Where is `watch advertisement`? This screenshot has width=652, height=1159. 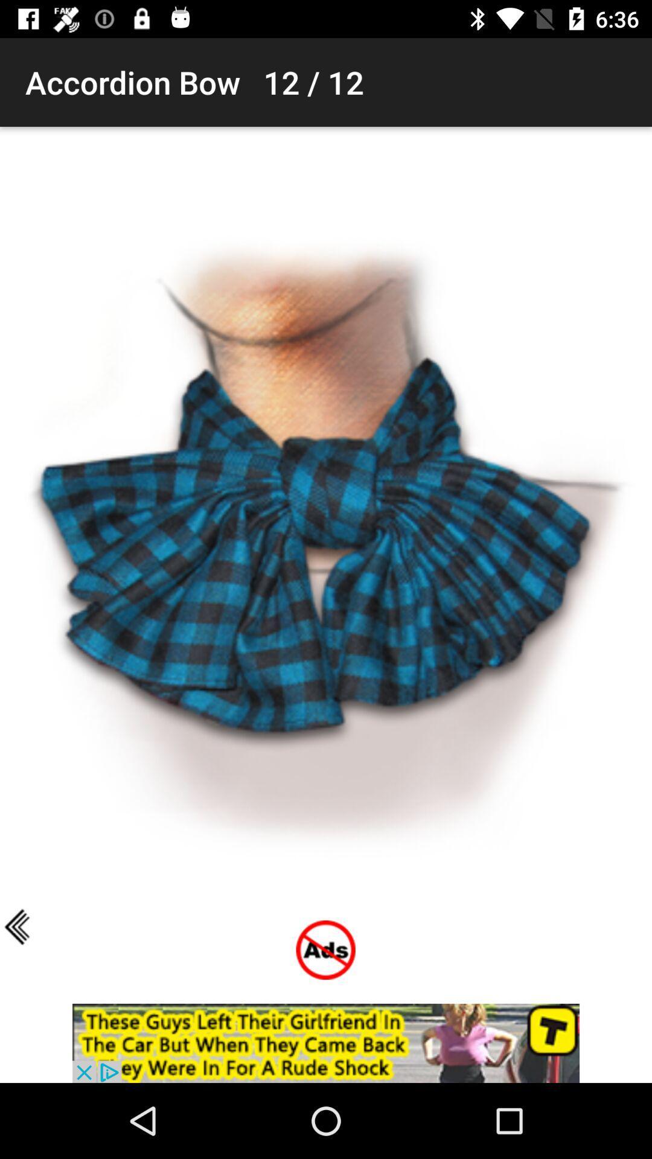 watch advertisement is located at coordinates (326, 1042).